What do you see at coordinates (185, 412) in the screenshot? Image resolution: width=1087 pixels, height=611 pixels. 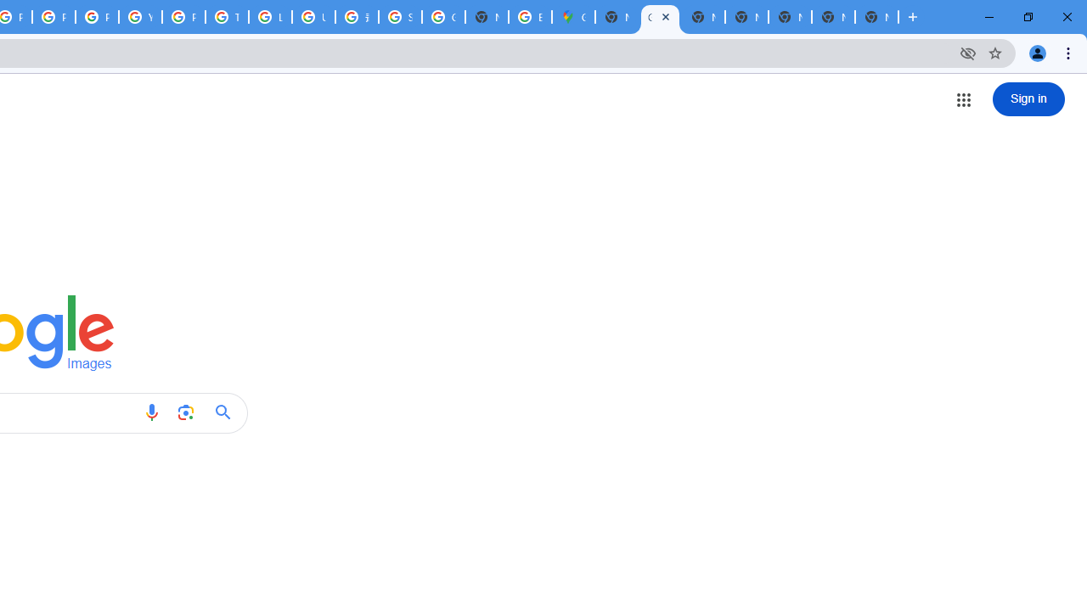 I see `'Search by image'` at bounding box center [185, 412].